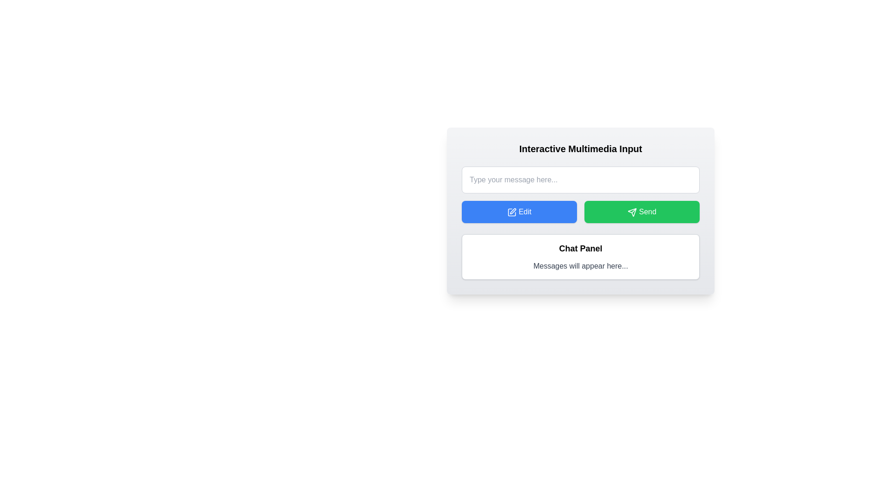 The width and height of the screenshot is (892, 501). Describe the element at coordinates (580, 148) in the screenshot. I see `text displayed in the heading that says 'Interactive Multimedia Input', which is a bold, centered text styled as a header` at that location.